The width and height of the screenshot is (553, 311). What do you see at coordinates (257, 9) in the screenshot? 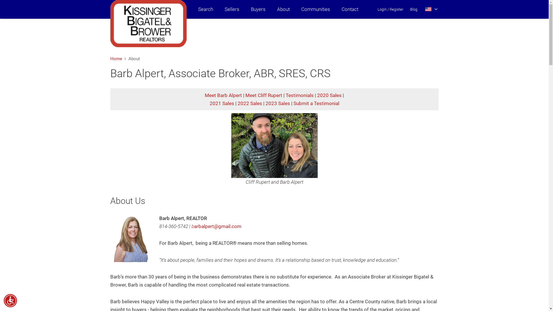
I see `'Buyers'` at bounding box center [257, 9].